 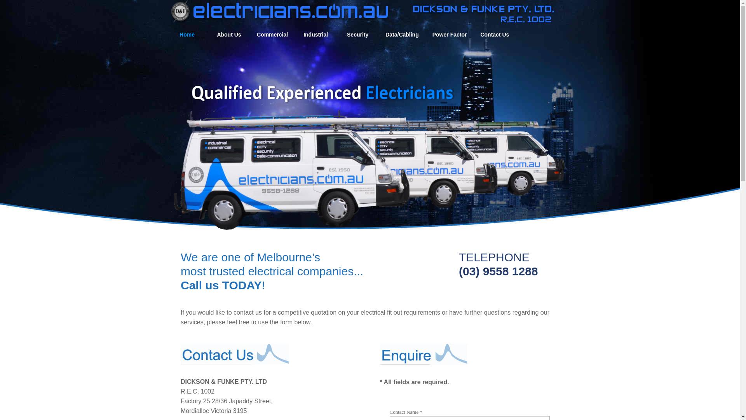 What do you see at coordinates (272, 34) in the screenshot?
I see `'Commercial'` at bounding box center [272, 34].